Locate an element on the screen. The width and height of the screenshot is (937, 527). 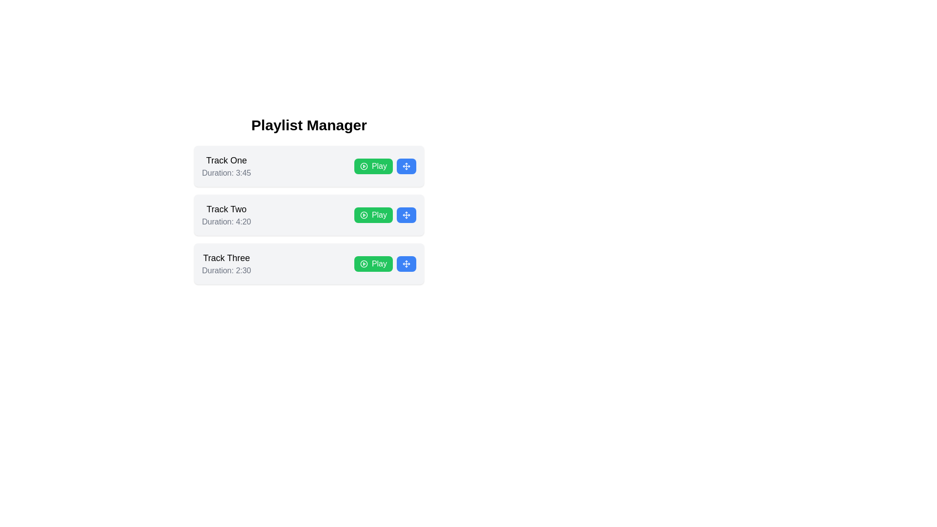
the play icon, which is a green circular button with a white triangle, located within the 'Play' button under the 'Playlist Manager' section is located at coordinates (363, 214).